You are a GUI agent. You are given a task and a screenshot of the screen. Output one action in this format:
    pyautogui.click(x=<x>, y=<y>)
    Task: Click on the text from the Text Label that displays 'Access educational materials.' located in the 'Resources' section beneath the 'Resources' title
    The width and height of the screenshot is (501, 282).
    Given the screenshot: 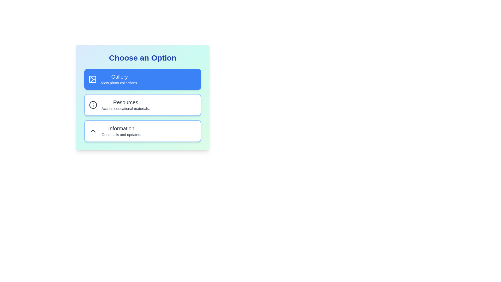 What is the action you would take?
    pyautogui.click(x=126, y=108)
    